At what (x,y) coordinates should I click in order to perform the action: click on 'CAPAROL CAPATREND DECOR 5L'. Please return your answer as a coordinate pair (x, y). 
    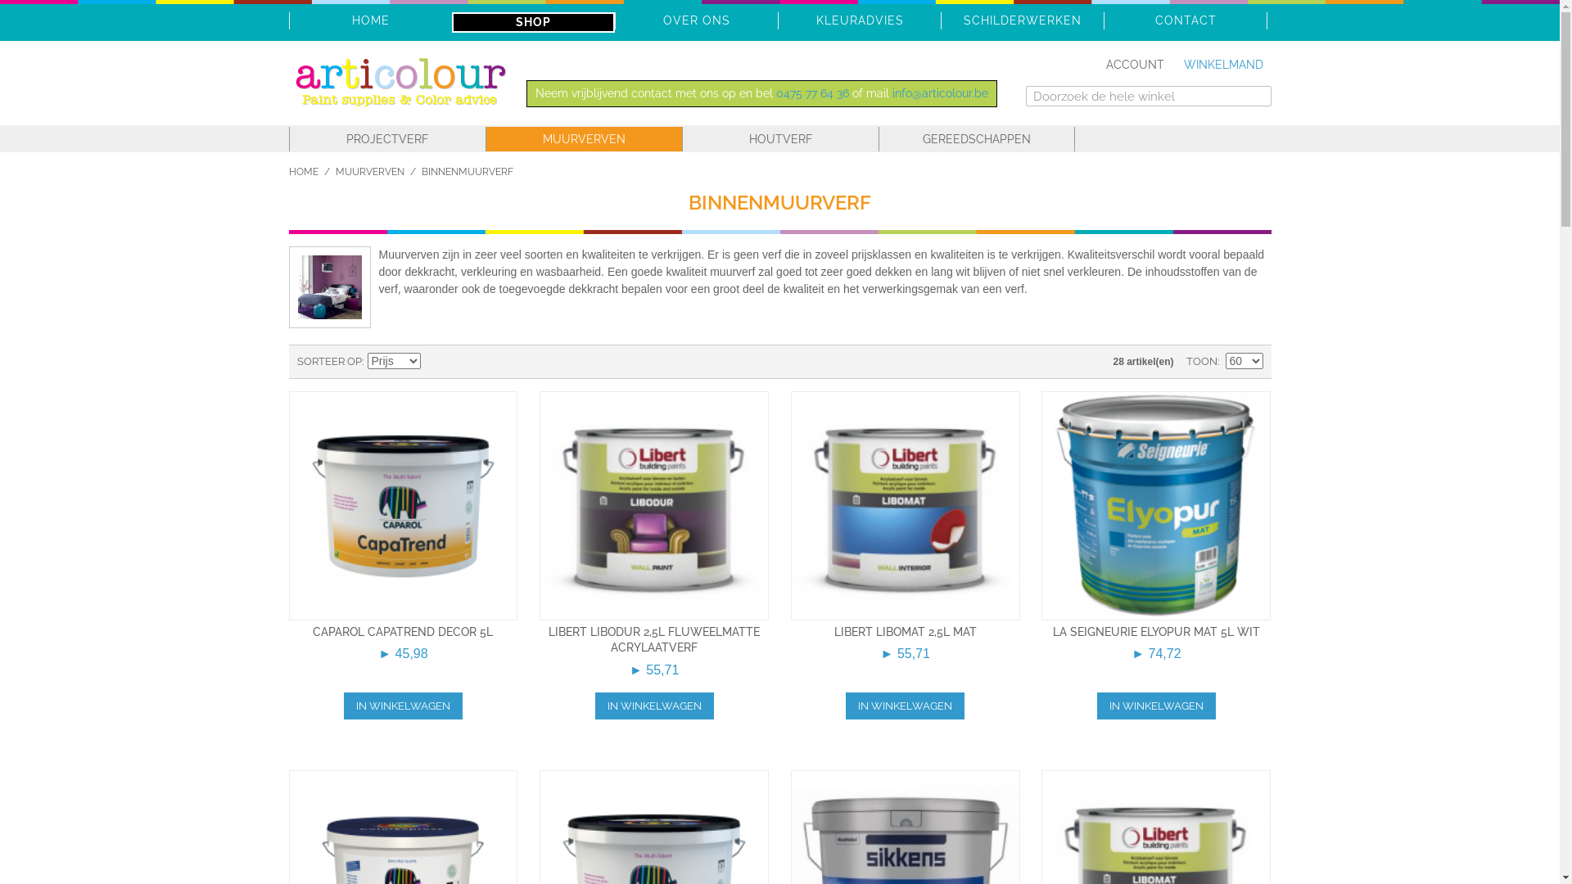
    Looking at the image, I should click on (402, 630).